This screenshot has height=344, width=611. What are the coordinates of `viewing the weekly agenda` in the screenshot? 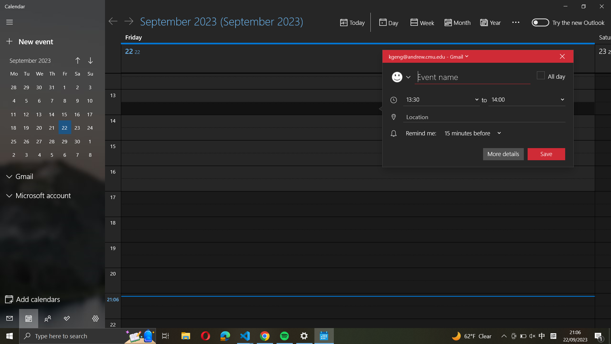 It's located at (421, 22).